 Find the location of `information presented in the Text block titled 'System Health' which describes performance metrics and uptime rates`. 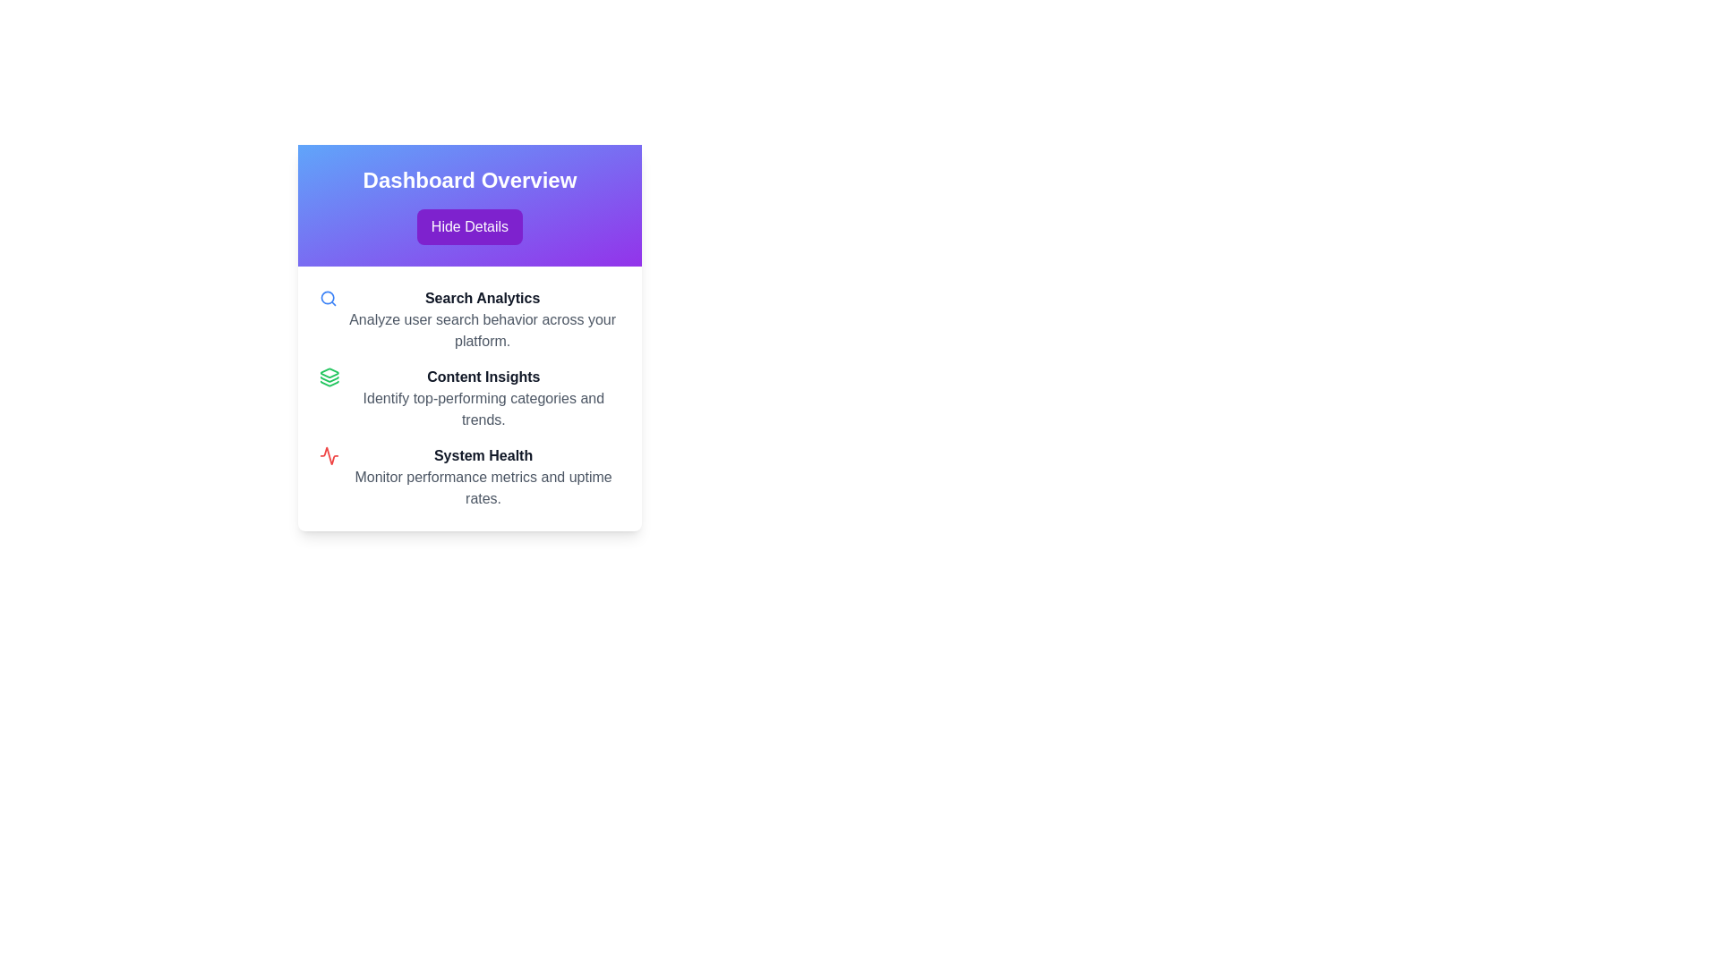

information presented in the Text block titled 'System Health' which describes performance metrics and uptime rates is located at coordinates (483, 476).